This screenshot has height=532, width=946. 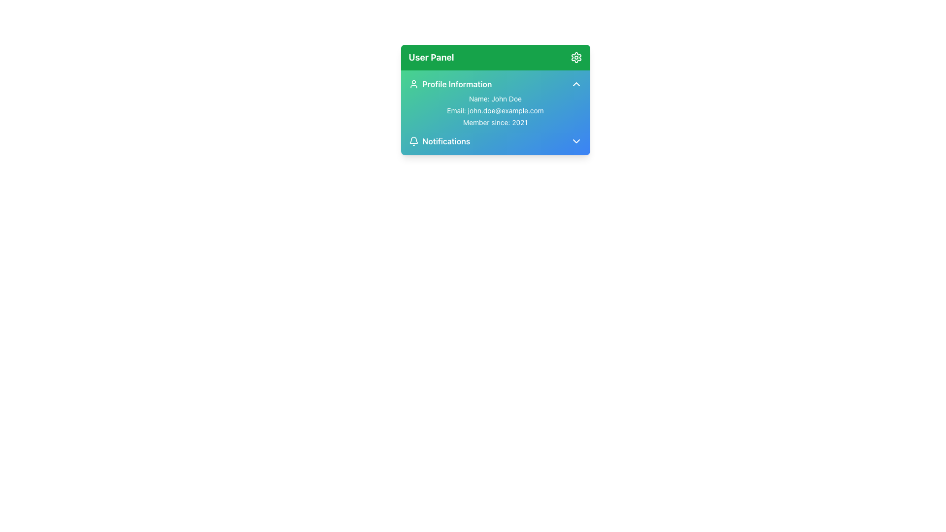 I want to click on the 'Notifications' text label located in the User Panel card, which is positioned to the right of the bell icon, so click(x=445, y=141).